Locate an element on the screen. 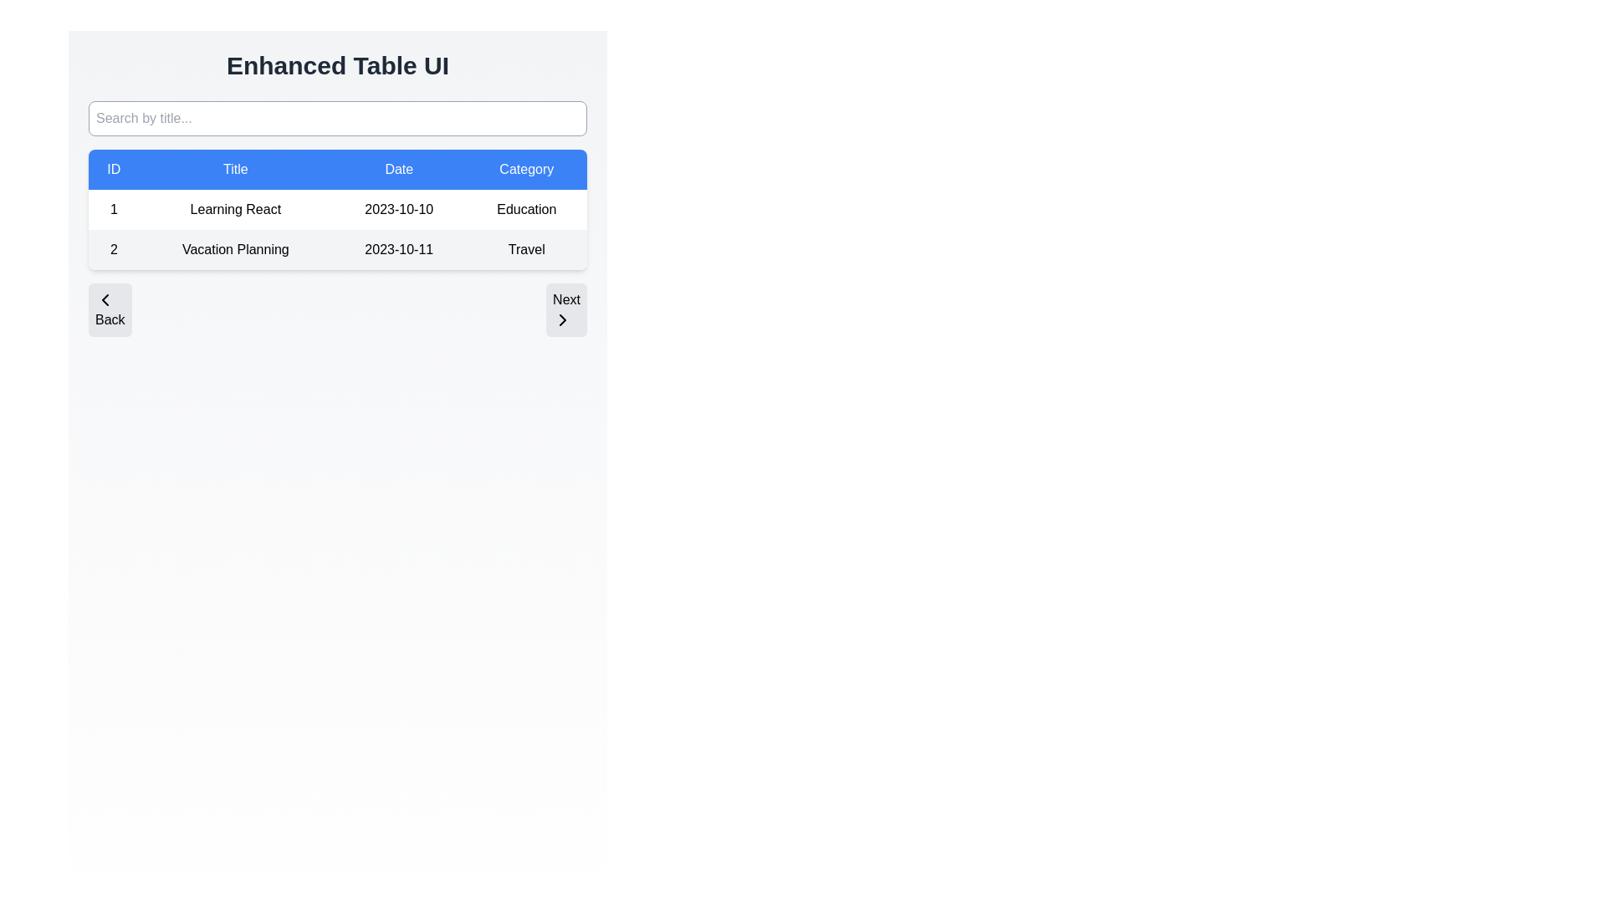 The image size is (1606, 903). the Text label that serves as an identifier for the corresponding table entry, located in the first column of the table row is located at coordinates (113, 208).